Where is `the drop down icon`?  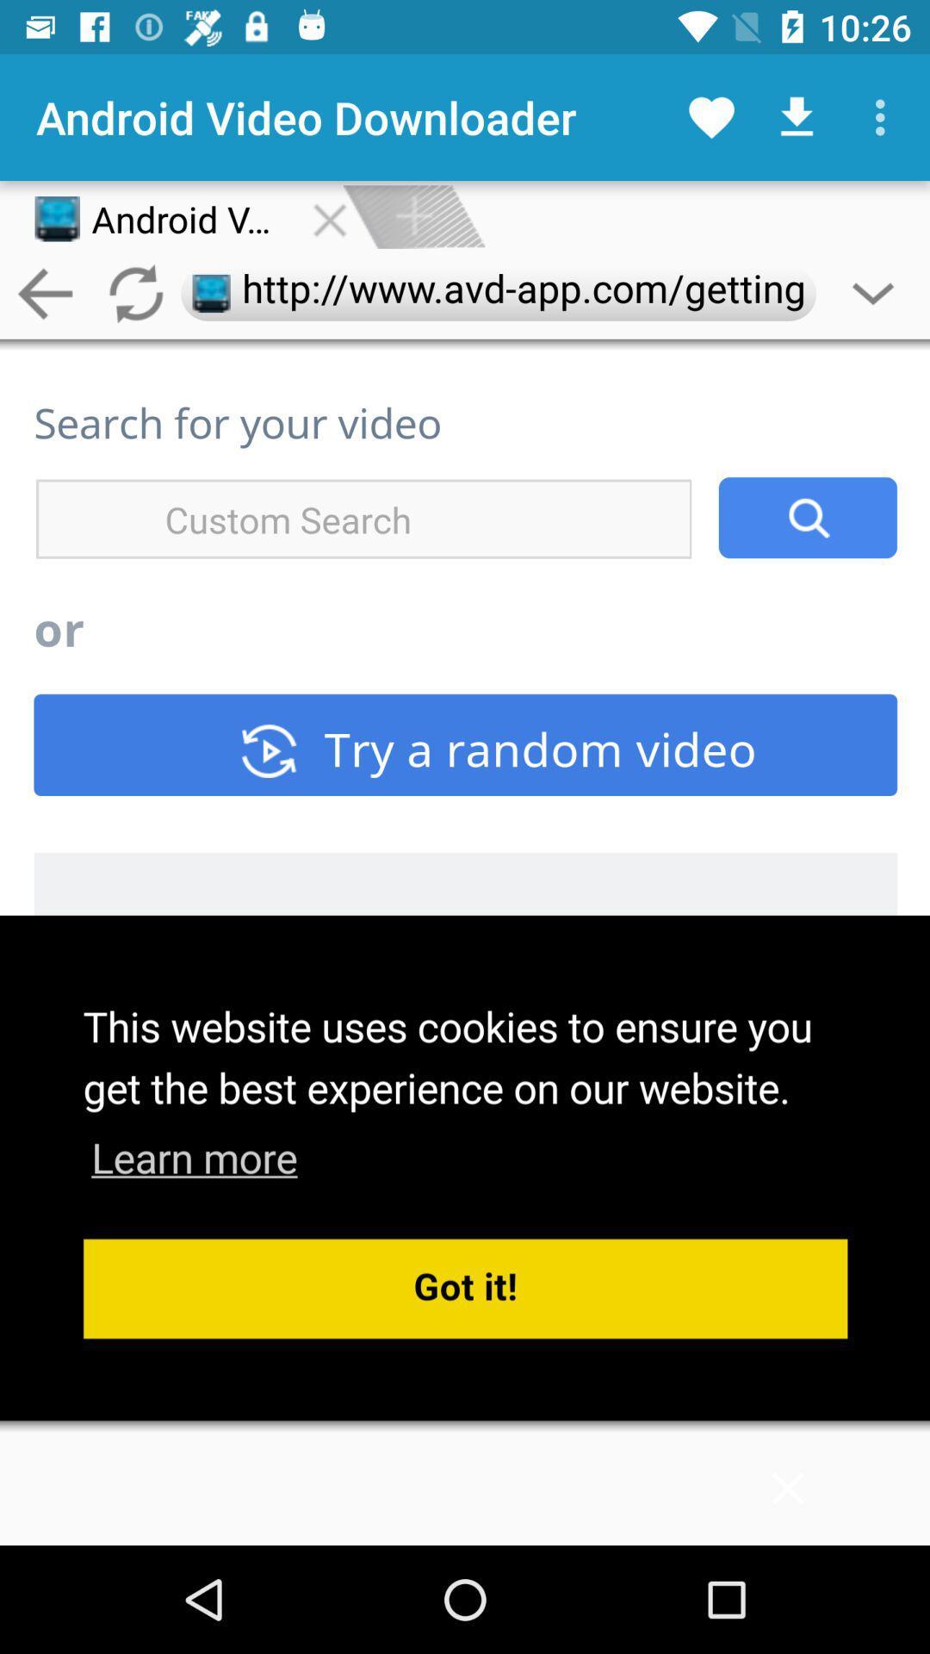 the drop down icon is located at coordinates (873, 294).